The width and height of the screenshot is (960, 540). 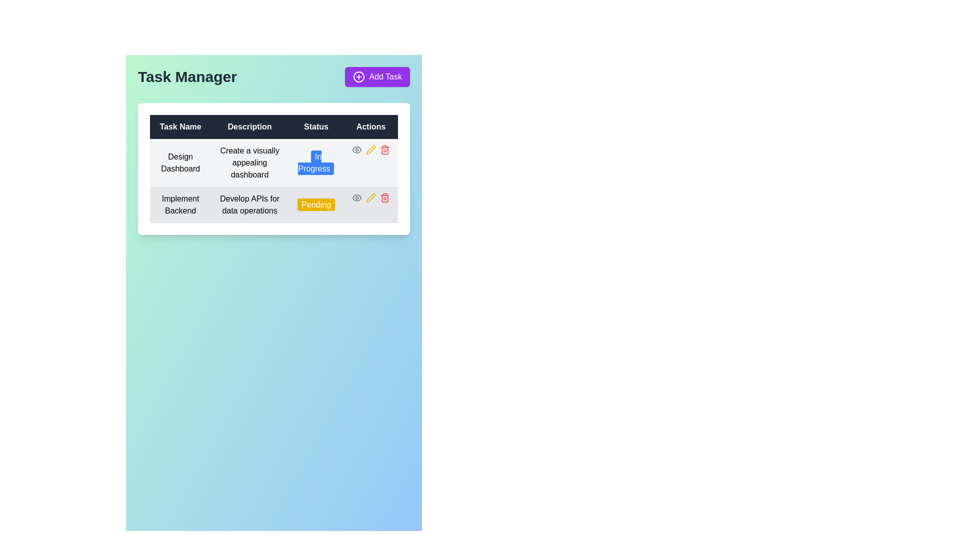 What do you see at coordinates (315, 204) in the screenshot?
I see `the 'Pending' status label, which has a yellow background and white text, located in the 'Status' column of the second row of the table` at bounding box center [315, 204].